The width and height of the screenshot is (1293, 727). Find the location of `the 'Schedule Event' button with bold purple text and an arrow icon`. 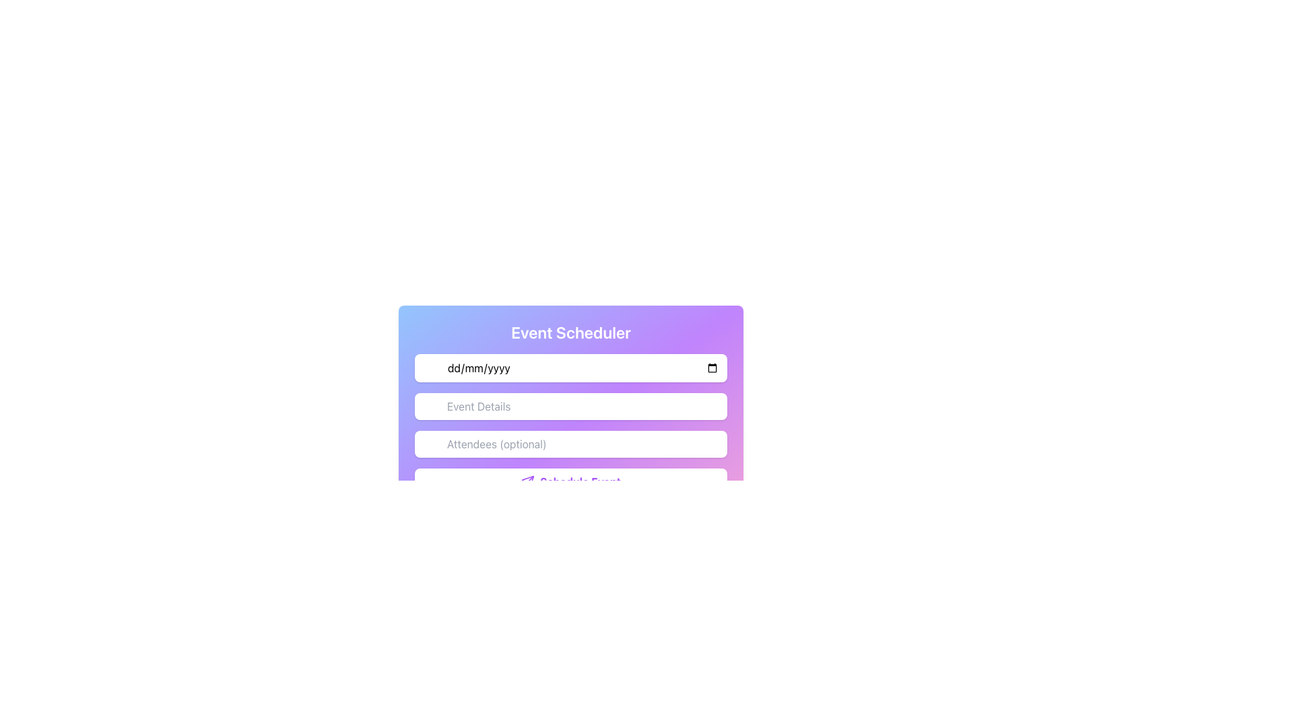

the 'Schedule Event' button with bold purple text and an arrow icon is located at coordinates (571, 481).